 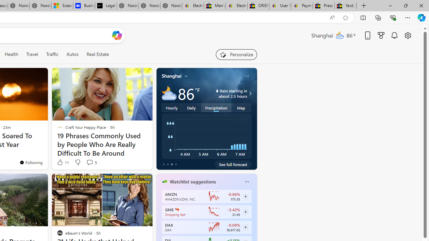 What do you see at coordinates (324, 6) in the screenshot?
I see `'Press Room - eBay Inc.'` at bounding box center [324, 6].